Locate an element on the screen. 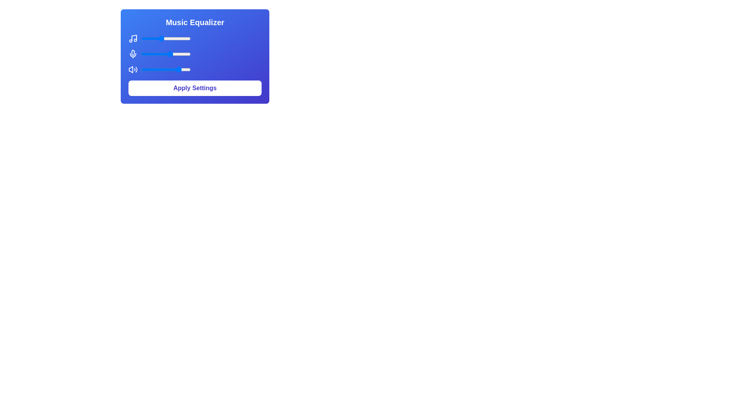 The image size is (743, 418). the slider is located at coordinates (186, 53).